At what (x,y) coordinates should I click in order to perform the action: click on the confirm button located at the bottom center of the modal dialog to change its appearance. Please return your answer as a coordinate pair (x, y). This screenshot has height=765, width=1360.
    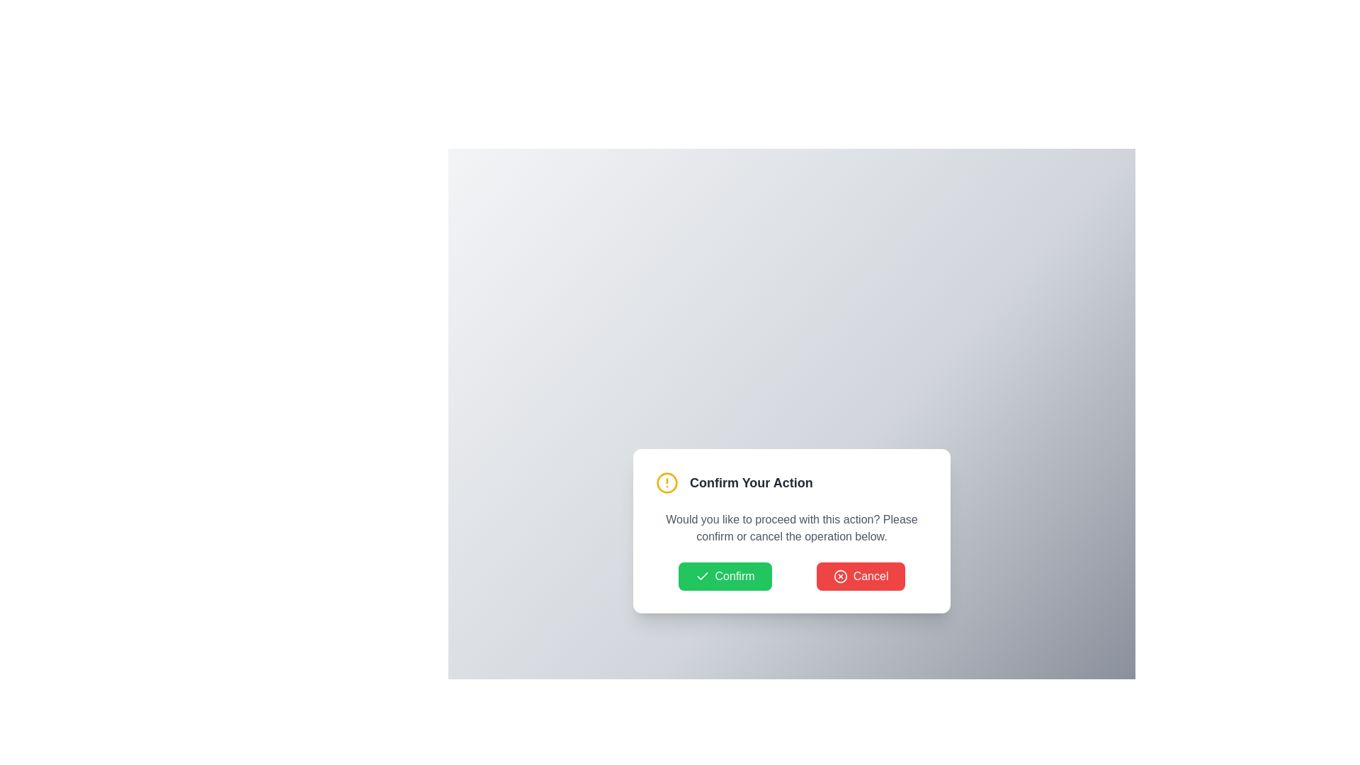
    Looking at the image, I should click on (725, 576).